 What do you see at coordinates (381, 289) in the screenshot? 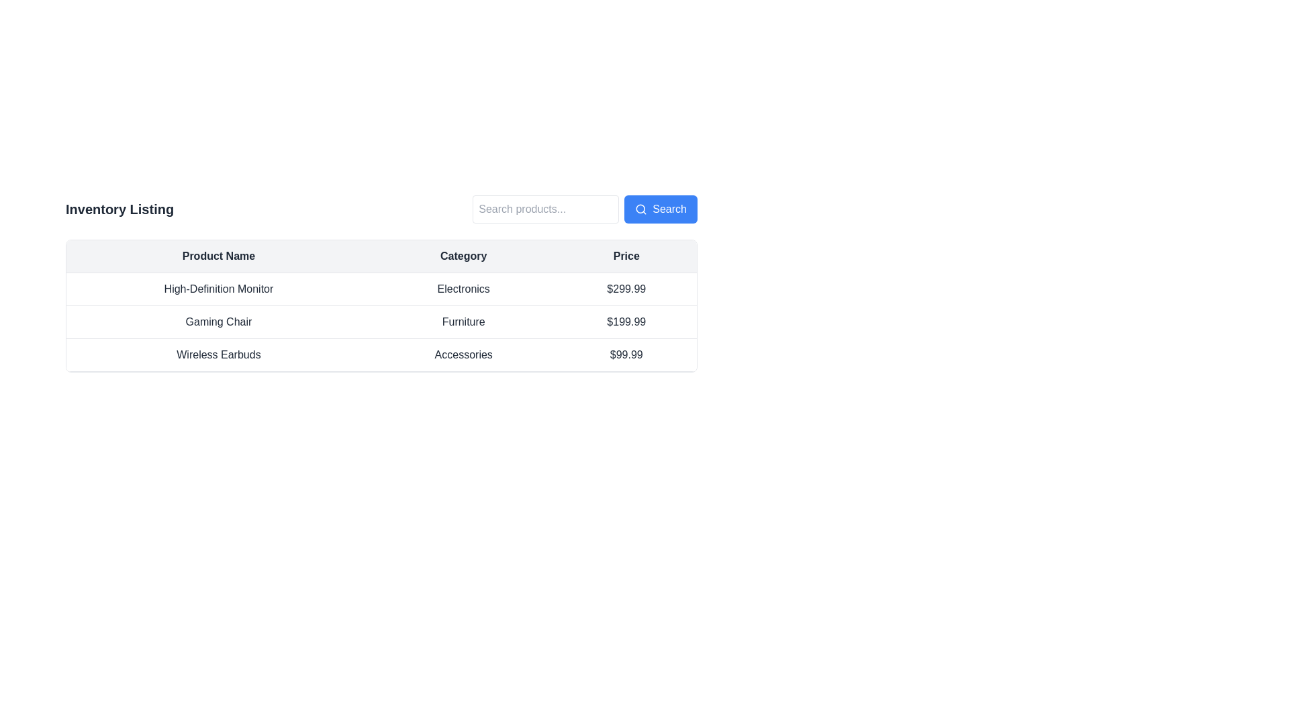
I see `the first row of the table that displays product details, including name, type, and price` at bounding box center [381, 289].